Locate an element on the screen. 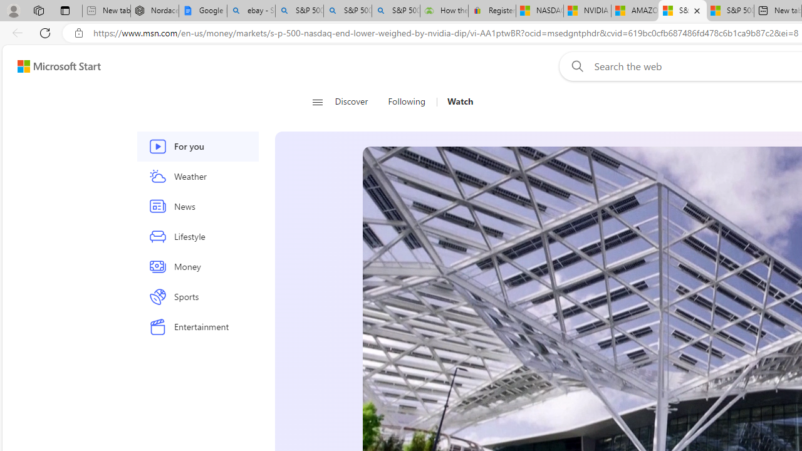 This screenshot has height=451, width=802. 'Skip to footer' is located at coordinates (51, 66).